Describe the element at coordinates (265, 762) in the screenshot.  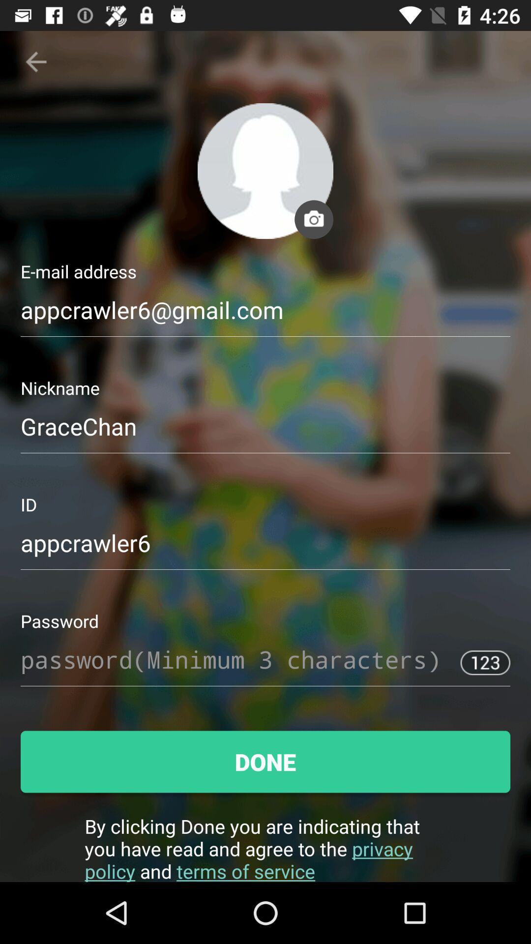
I see `the green color button` at that location.